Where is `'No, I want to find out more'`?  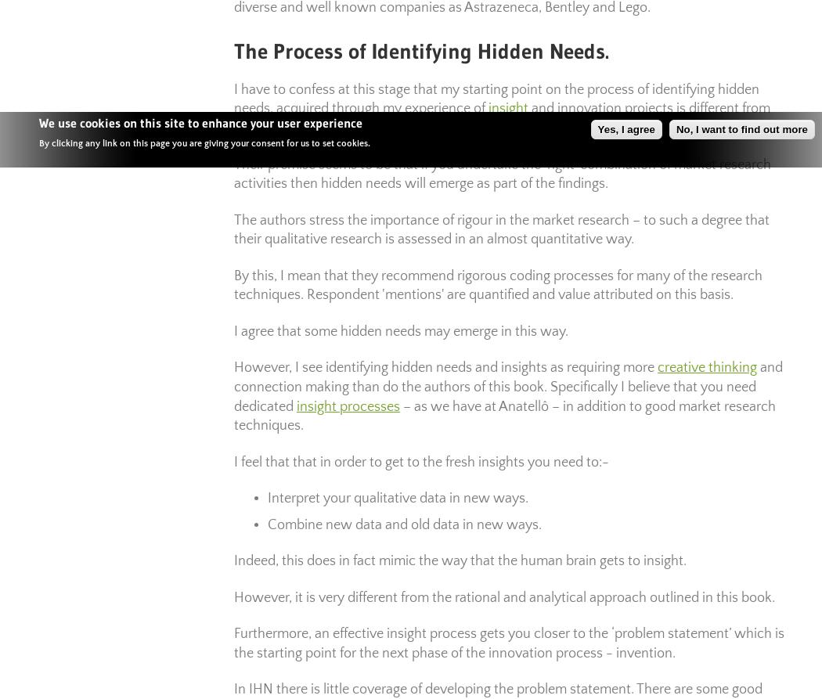 'No, I want to find out more' is located at coordinates (741, 128).